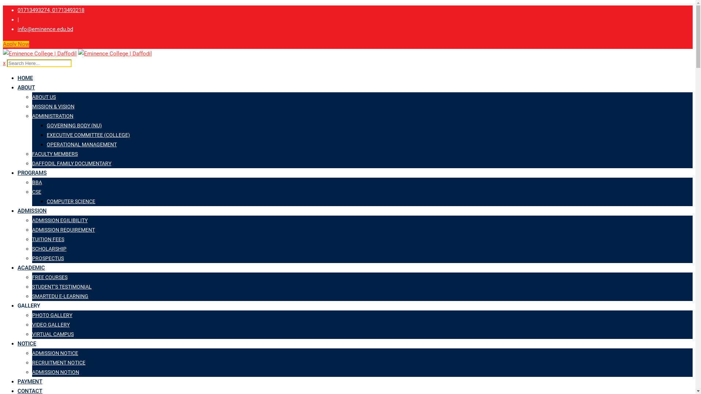 Image resolution: width=701 pixels, height=394 pixels. I want to click on 'Apply Now', so click(3, 44).